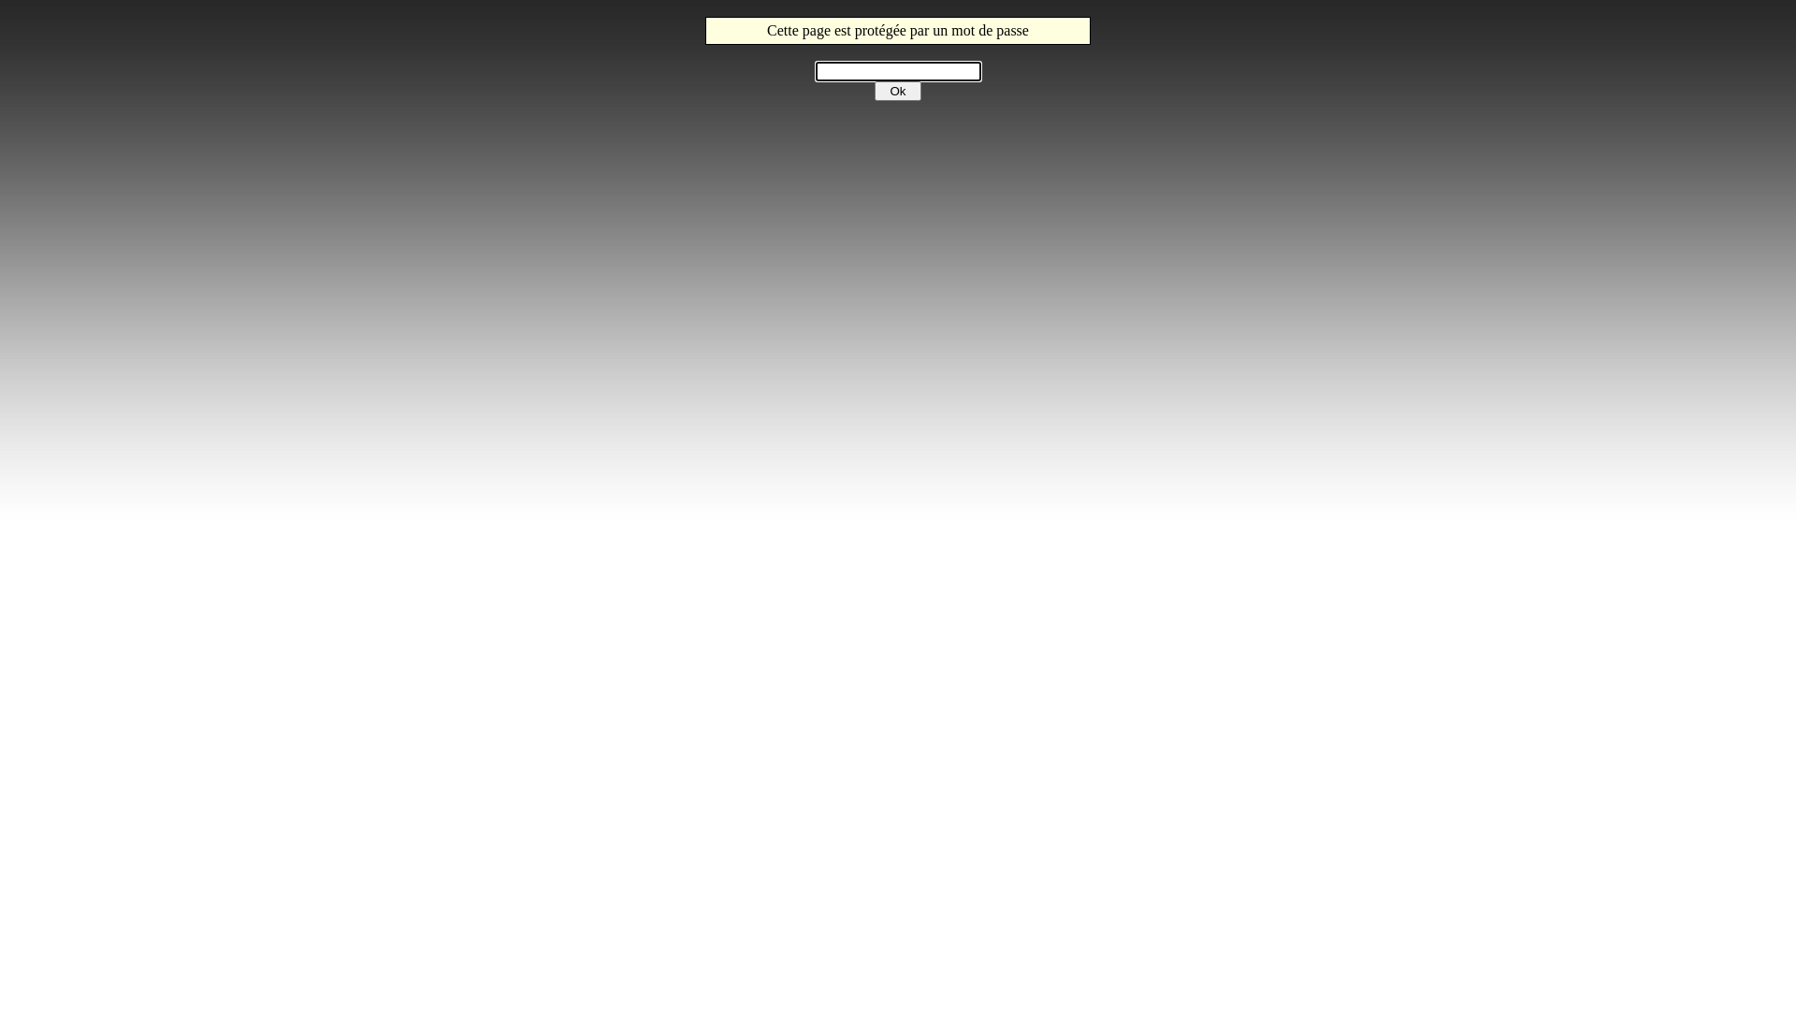 The image size is (1796, 1010). Describe the element at coordinates (898, 91) in the screenshot. I see `'Ok'` at that location.